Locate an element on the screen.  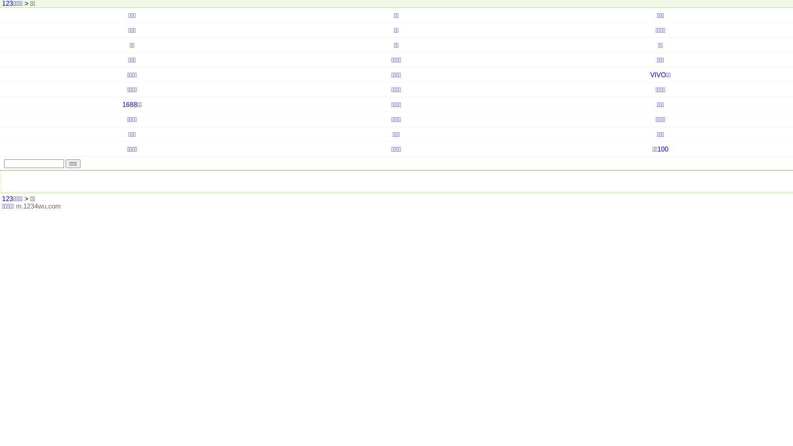
'm.1234wu.com' is located at coordinates (38, 206).